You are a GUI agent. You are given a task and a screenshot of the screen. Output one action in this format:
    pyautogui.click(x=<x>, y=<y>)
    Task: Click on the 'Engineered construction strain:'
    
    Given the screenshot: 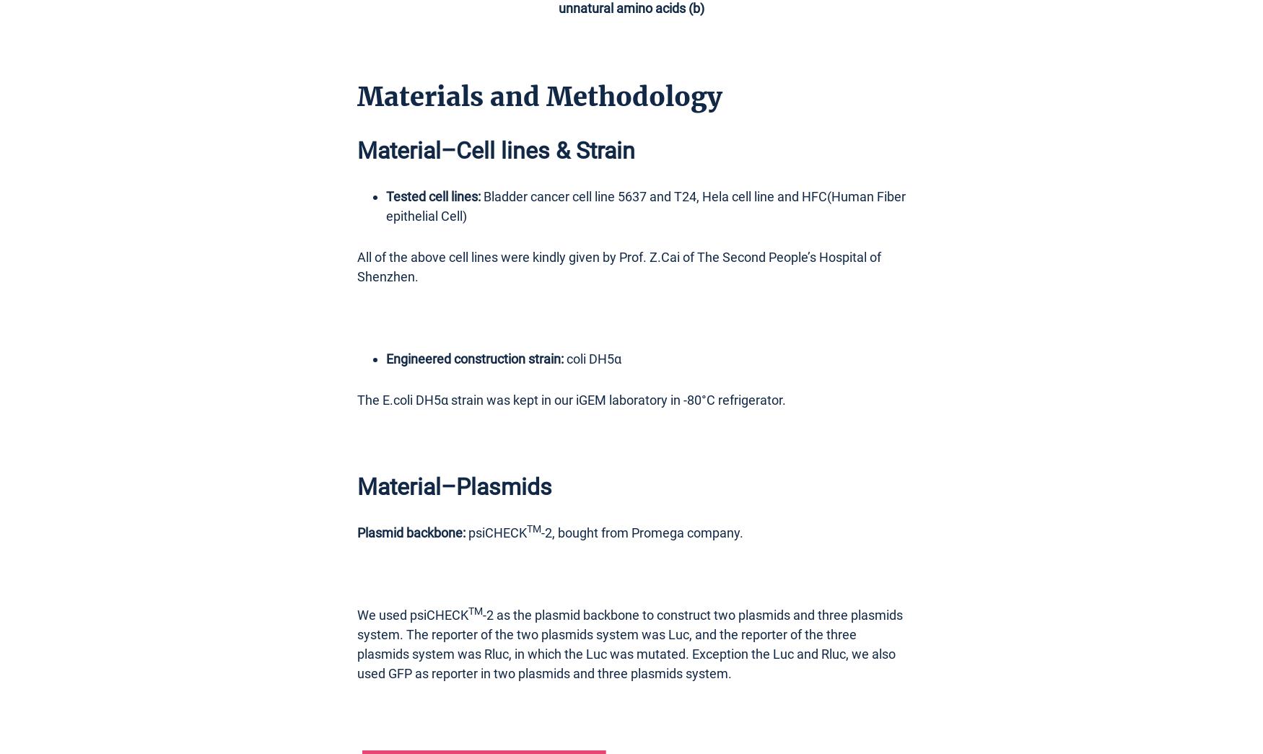 What is the action you would take?
    pyautogui.click(x=385, y=357)
    